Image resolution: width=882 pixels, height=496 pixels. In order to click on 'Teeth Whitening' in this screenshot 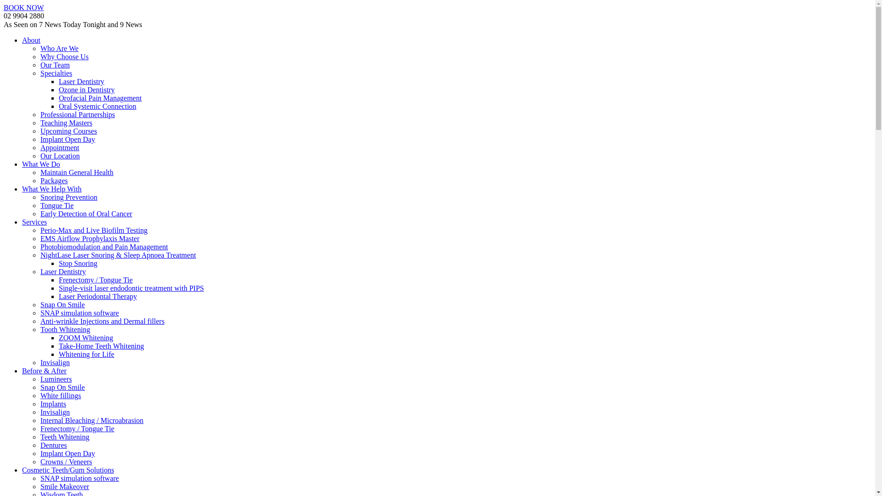, I will do `click(64, 436)`.